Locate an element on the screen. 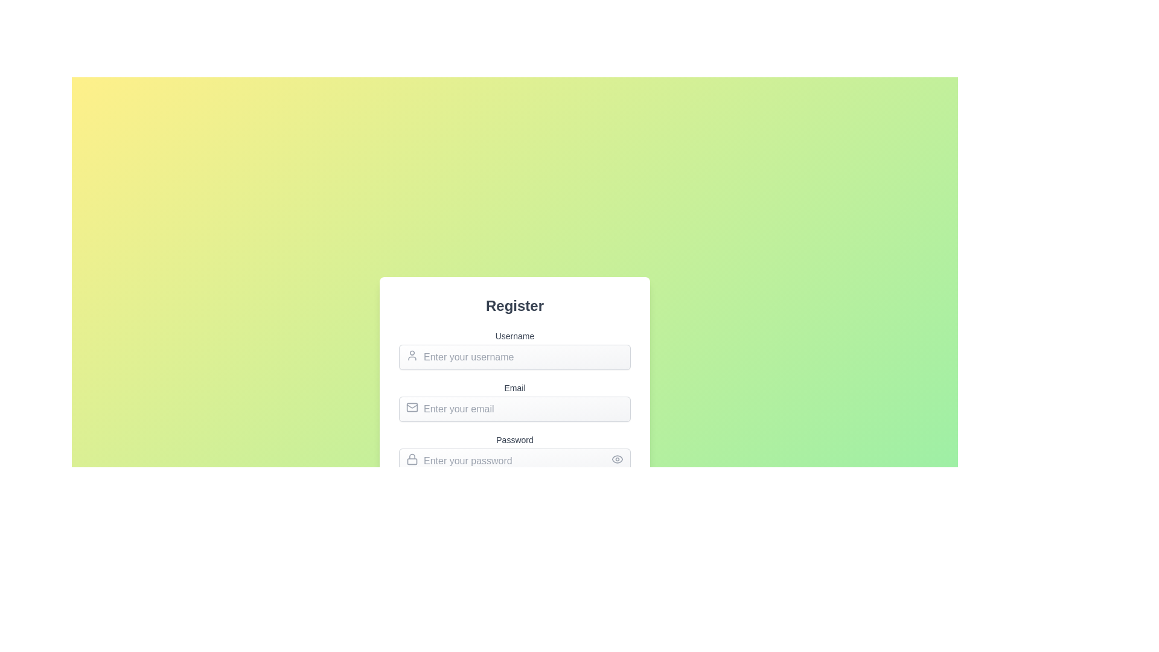 The width and height of the screenshot is (1159, 652). the eye icon button located at the right side of the password input field is located at coordinates (617, 459).